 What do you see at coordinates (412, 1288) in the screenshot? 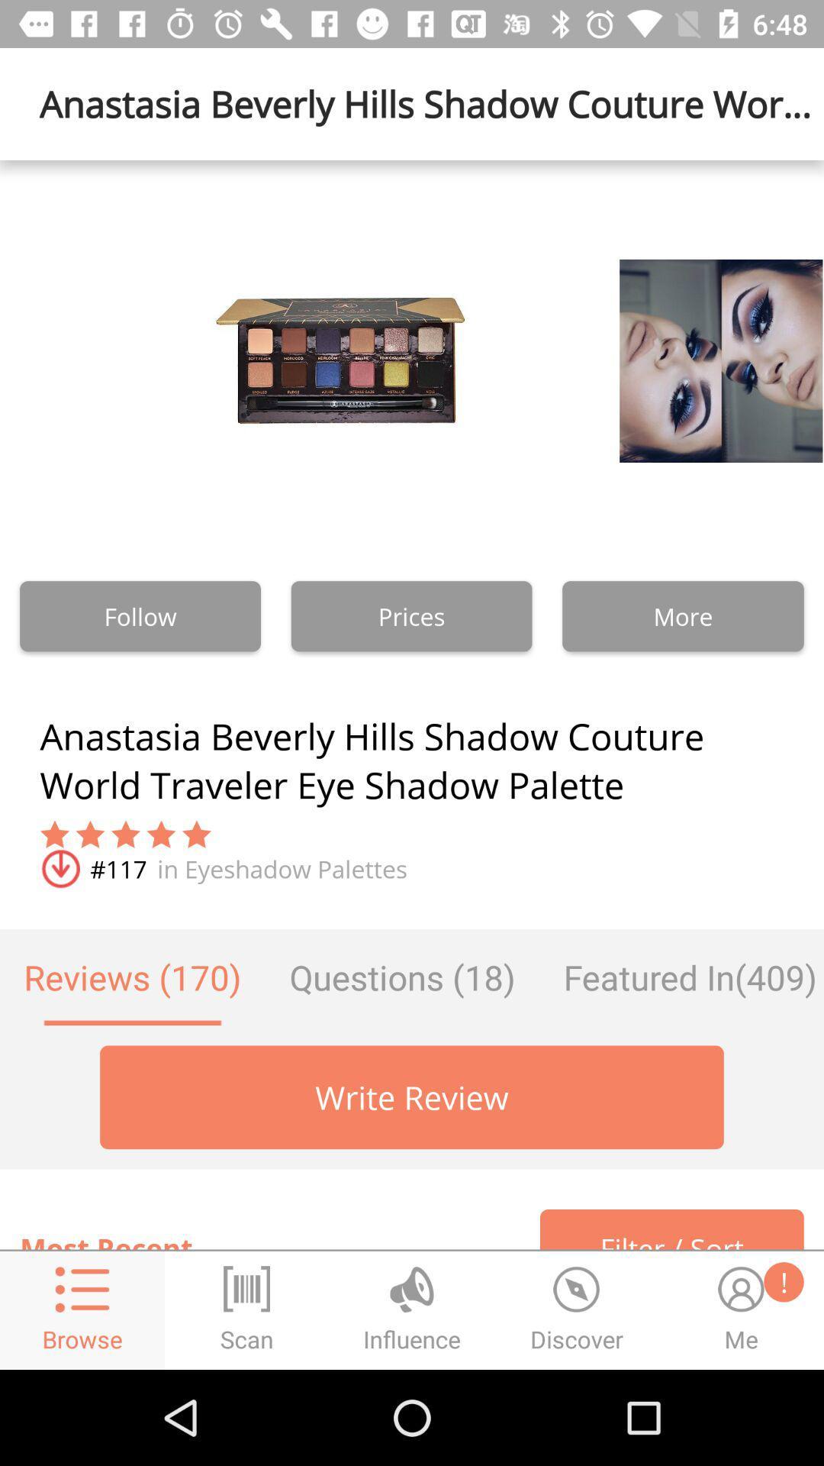
I see `the influence option` at bounding box center [412, 1288].